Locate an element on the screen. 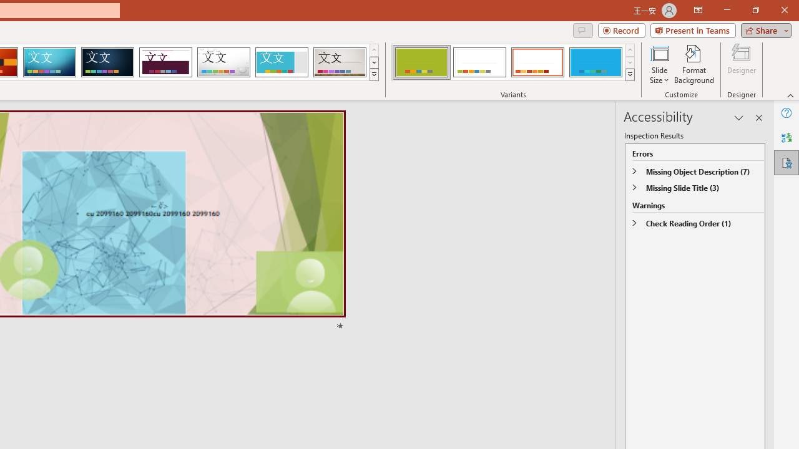 The height and width of the screenshot is (449, 799). 'Basis Variant 3' is located at coordinates (537, 62).